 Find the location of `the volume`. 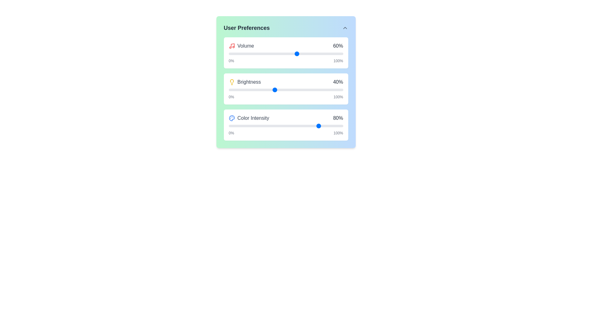

the volume is located at coordinates (313, 54).